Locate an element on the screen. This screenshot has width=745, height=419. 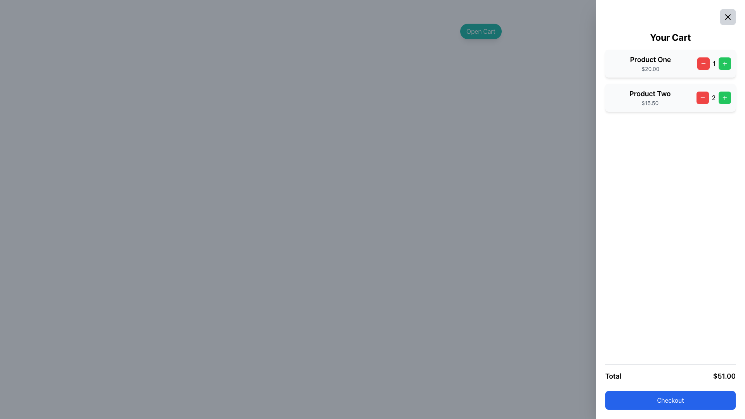
product details from the Cart Item Display for 'Product Two', which includes the product name, price, decrement button, quantity, and increment button, located in the second row of the cart section is located at coordinates (670, 97).